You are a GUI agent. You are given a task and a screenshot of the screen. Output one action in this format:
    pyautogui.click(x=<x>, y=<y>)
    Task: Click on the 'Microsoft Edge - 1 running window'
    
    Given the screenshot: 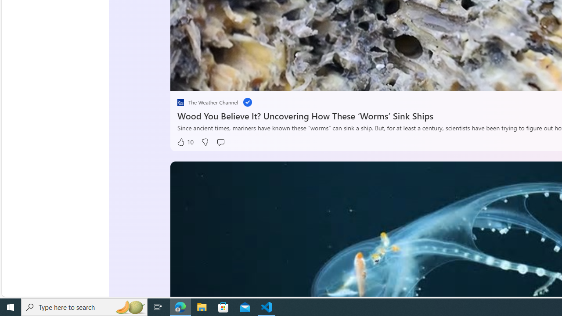 What is the action you would take?
    pyautogui.click(x=180, y=306)
    